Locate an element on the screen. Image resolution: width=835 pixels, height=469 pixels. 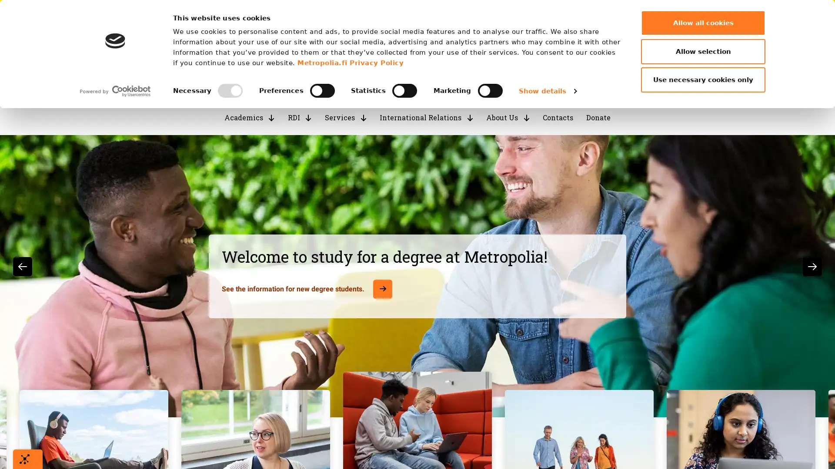
Allow all cookies is located at coordinates (703, 23).